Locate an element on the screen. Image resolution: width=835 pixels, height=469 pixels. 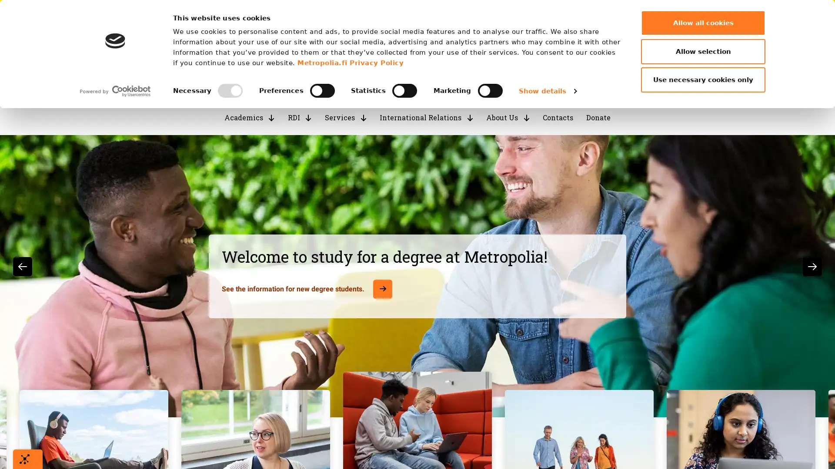
Allow all cookies is located at coordinates (703, 23).